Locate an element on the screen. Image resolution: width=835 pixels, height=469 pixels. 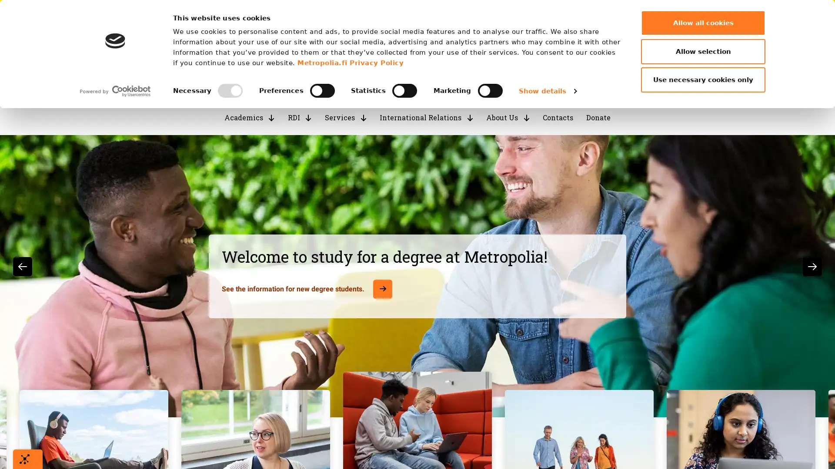
Allow all cookies is located at coordinates (703, 23).